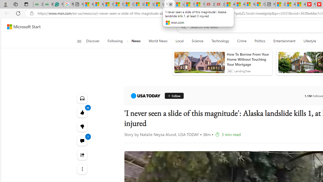 The width and height of the screenshot is (323, 182). What do you see at coordinates (82, 112) in the screenshot?
I see `'43 Like'` at bounding box center [82, 112].